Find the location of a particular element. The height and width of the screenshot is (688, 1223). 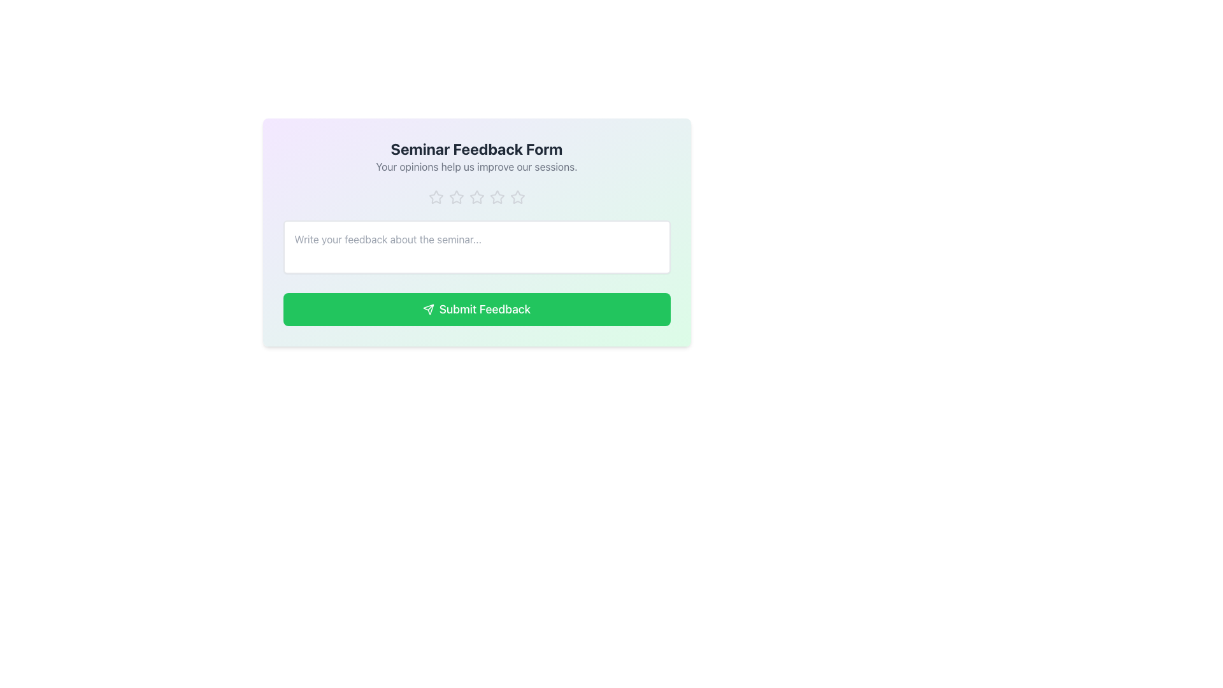

from the fourth star icon in the 5-star rating component is located at coordinates (496, 197).